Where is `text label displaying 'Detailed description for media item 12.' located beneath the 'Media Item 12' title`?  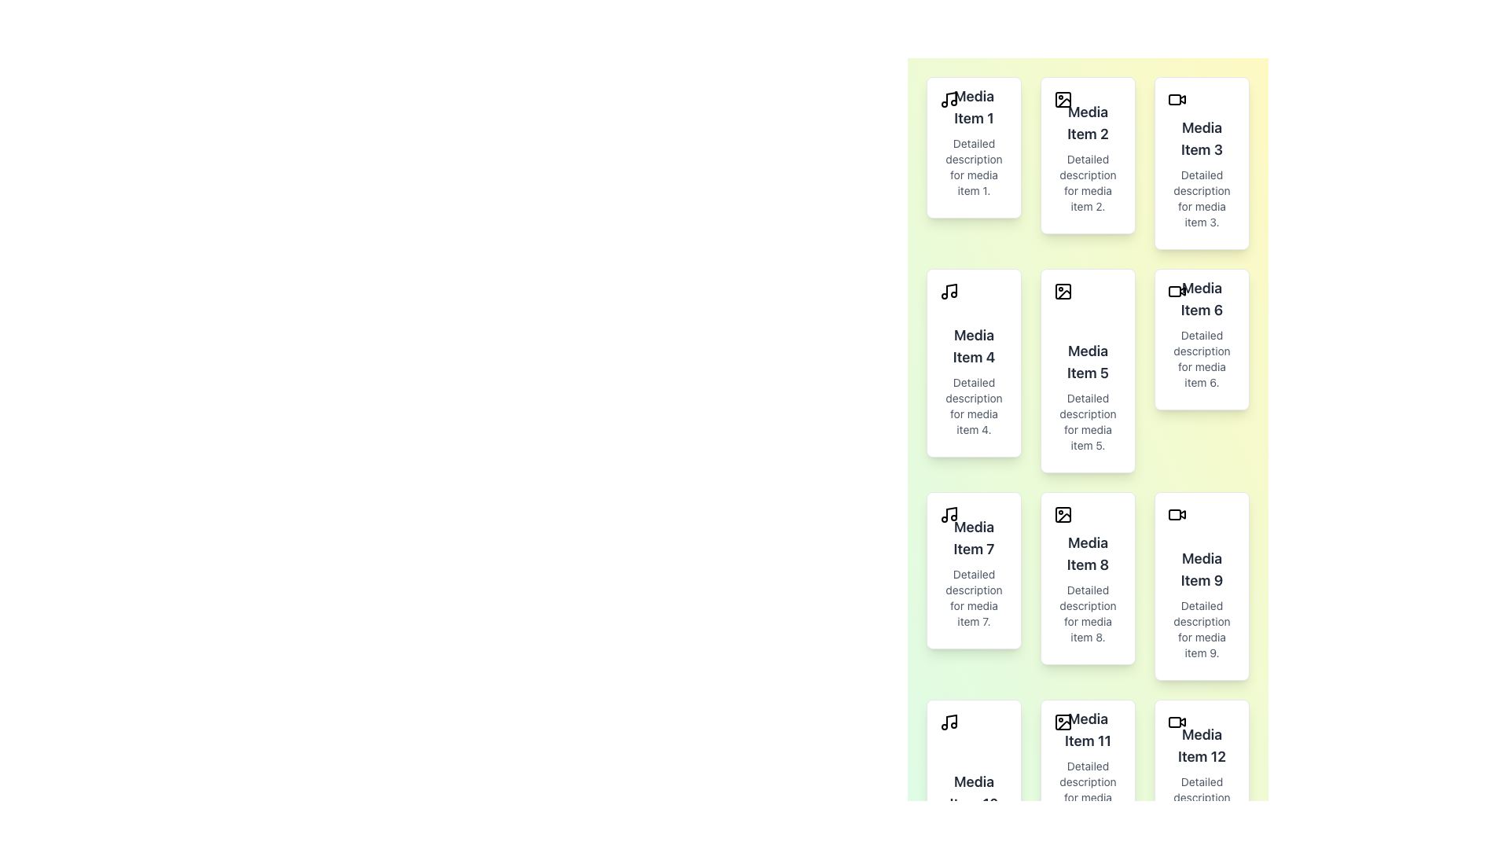 text label displaying 'Detailed description for media item 12.' located beneath the 'Media Item 12' title is located at coordinates (1201, 806).